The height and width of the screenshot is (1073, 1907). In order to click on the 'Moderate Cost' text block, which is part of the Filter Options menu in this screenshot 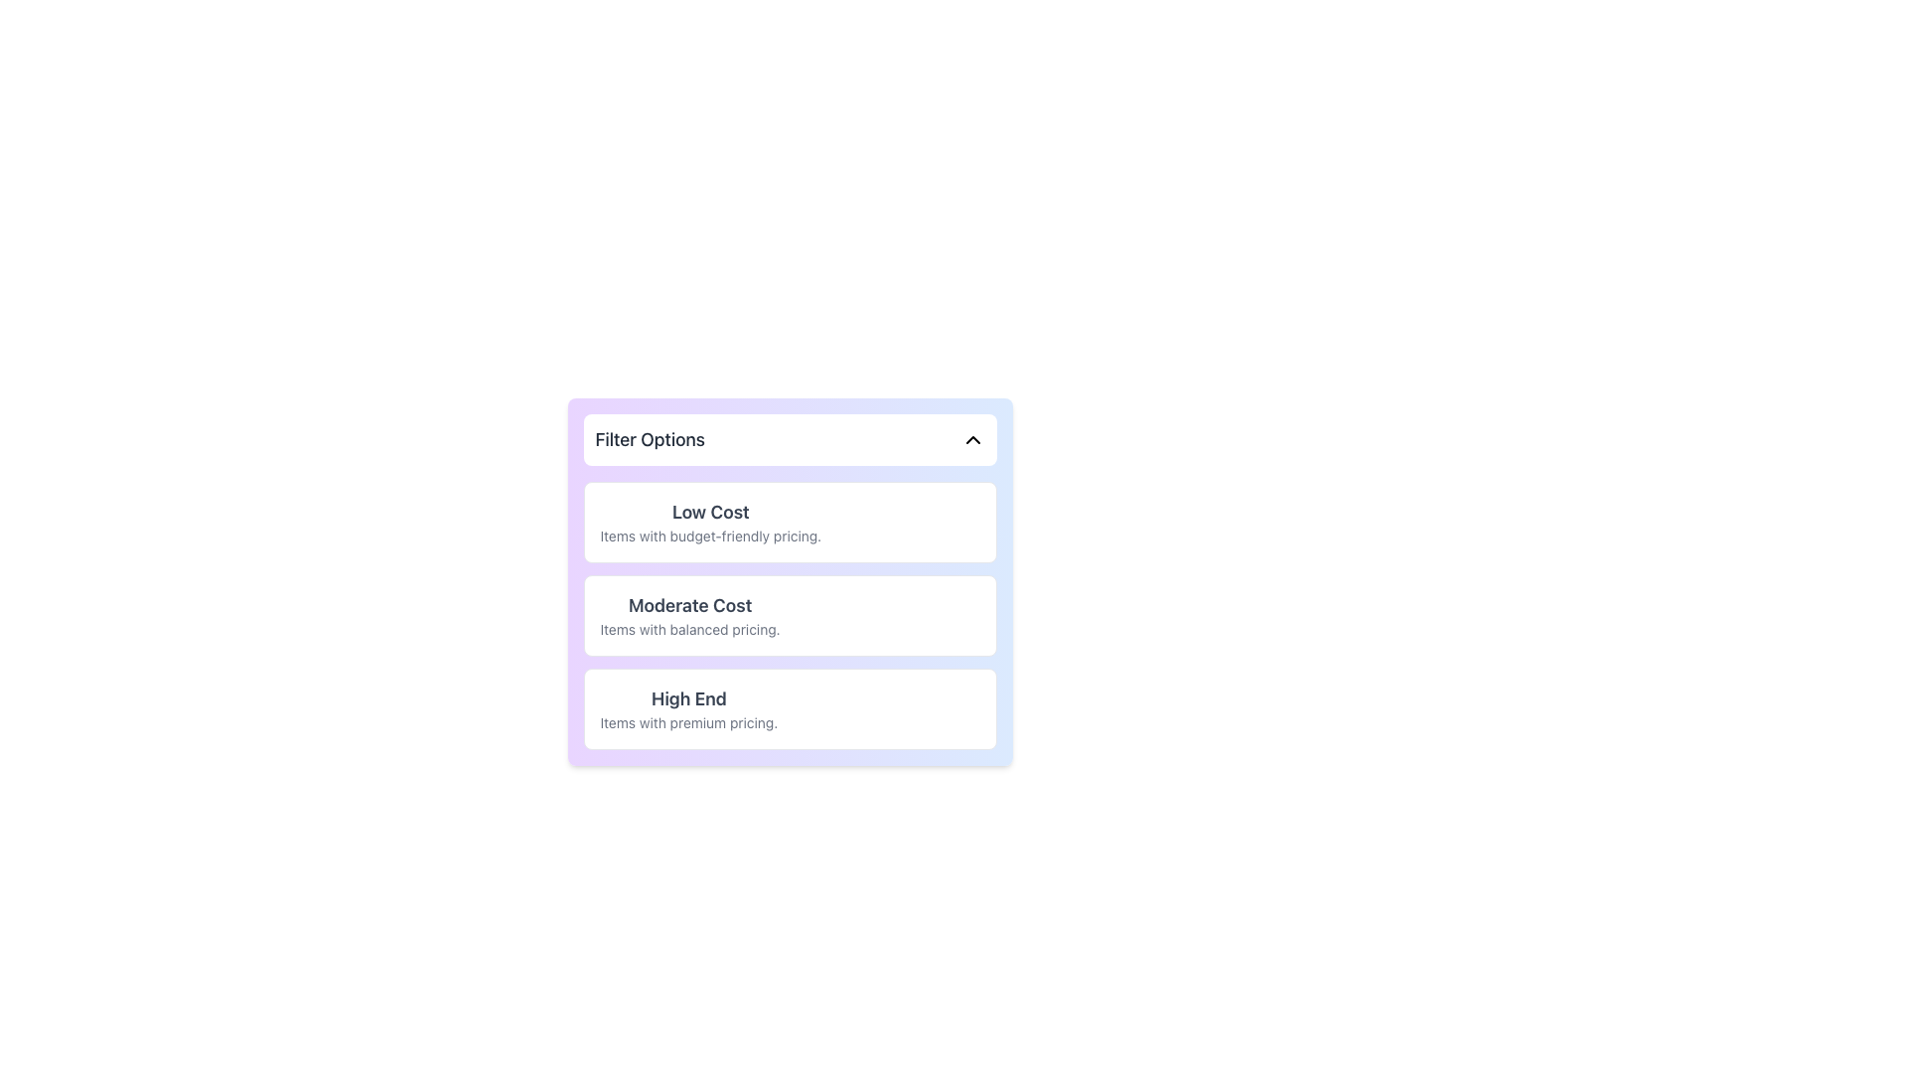, I will do `click(690, 615)`.